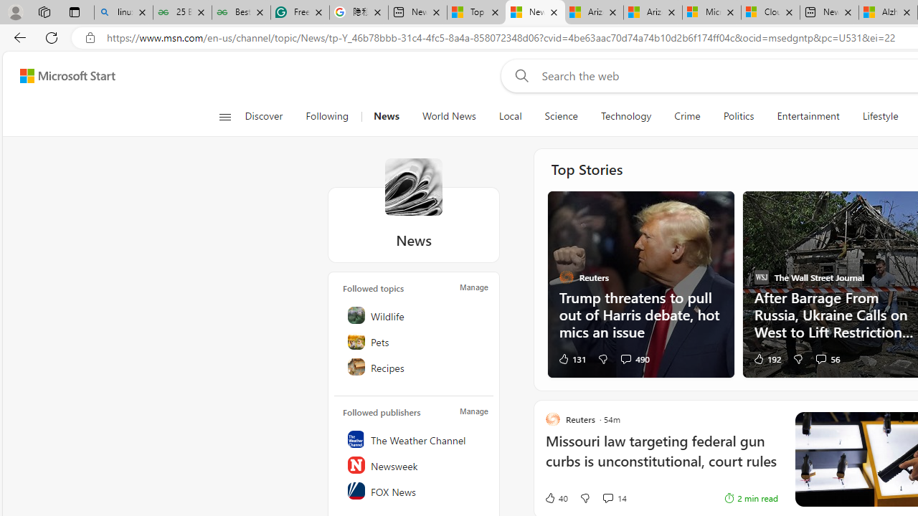  What do you see at coordinates (299, 12) in the screenshot?
I see `'Free AI Writing Assistance for Students | Grammarly'` at bounding box center [299, 12].